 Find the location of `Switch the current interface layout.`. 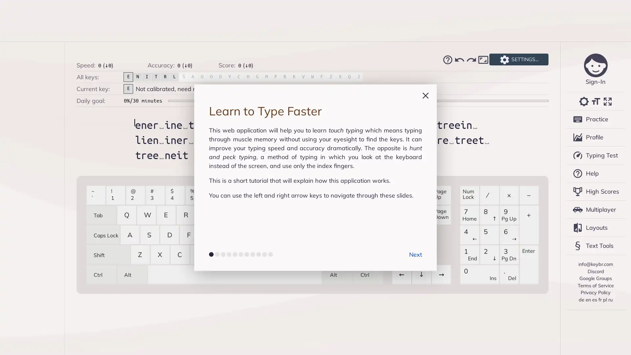

Switch the current interface layout. is located at coordinates (483, 59).